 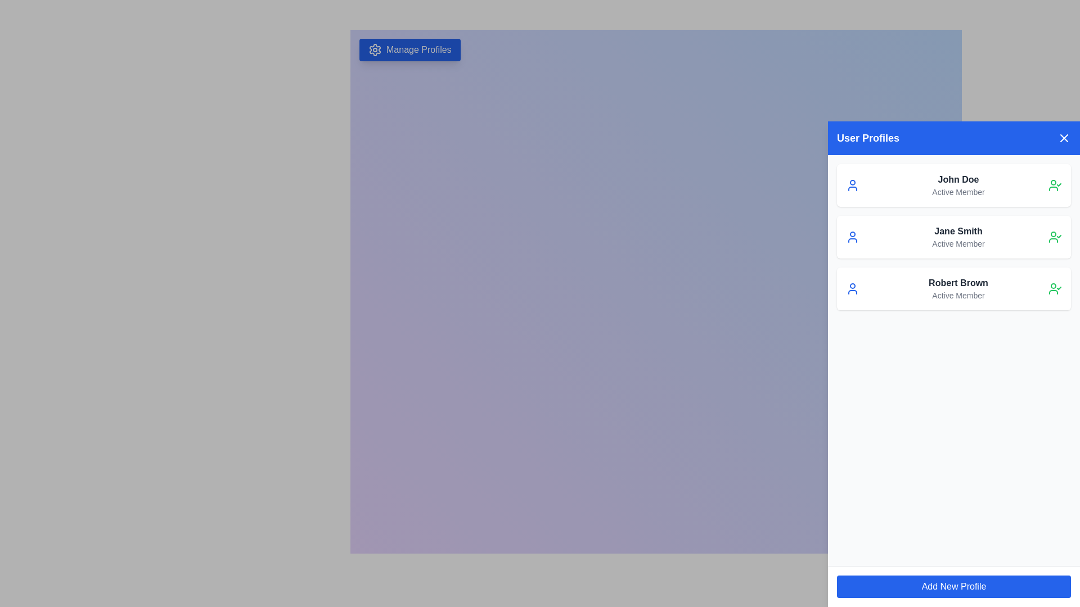 I want to click on the gear icon located within the 'Manage Profiles' button at the top-left corner of the interface, so click(x=375, y=49).